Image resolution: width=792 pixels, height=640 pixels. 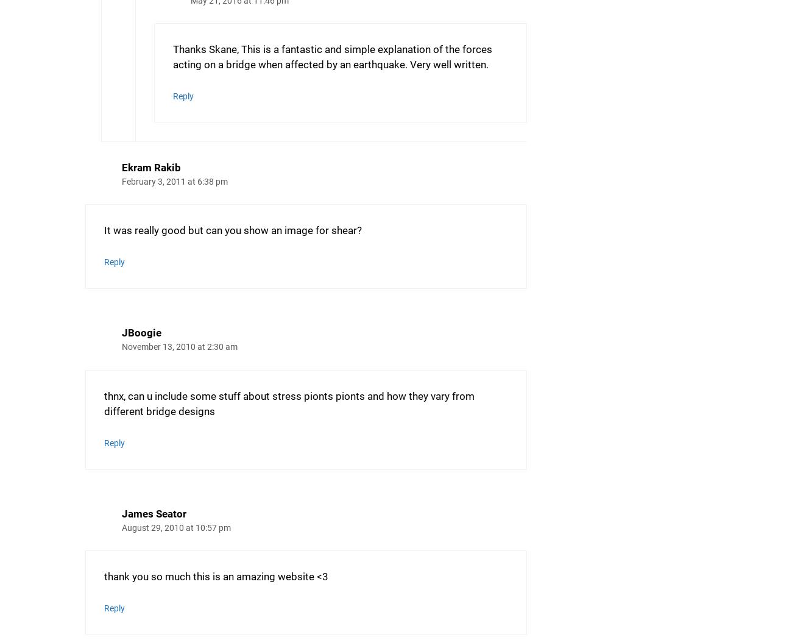 What do you see at coordinates (150, 166) in the screenshot?
I see `'Ekram Rakib'` at bounding box center [150, 166].